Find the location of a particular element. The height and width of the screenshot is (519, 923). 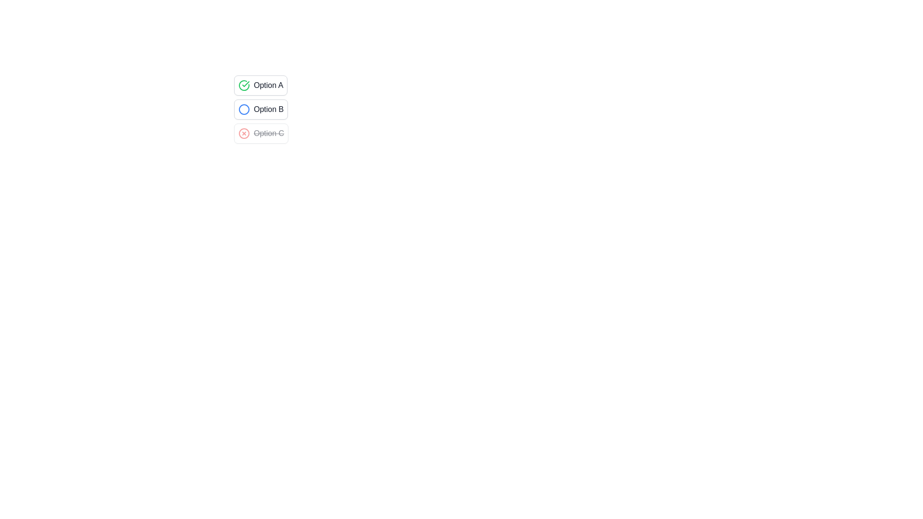

attributes of the icon indicating a dismissed or unavailable state for 'Option C', which is located directly before the 'Option C' text in the third row of the list structure is located at coordinates (244, 133).